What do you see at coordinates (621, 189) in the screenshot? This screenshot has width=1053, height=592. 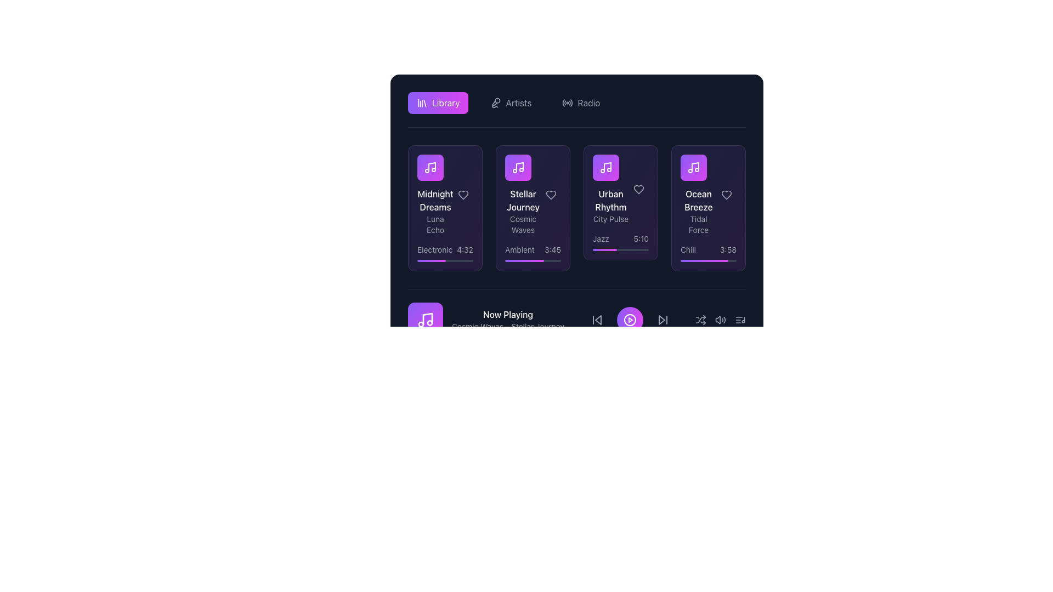 I see `the nearby interactive elements adjacent to the text label displaying the music track name 'Urban Rhythm' and its description 'City Pulse'` at bounding box center [621, 189].